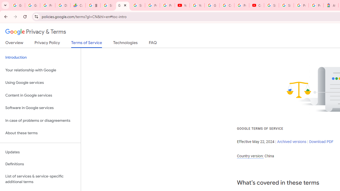 Image resolution: width=340 pixels, height=191 pixels. Describe the element at coordinates (40, 95) in the screenshot. I see `'Content in Google services'` at that location.